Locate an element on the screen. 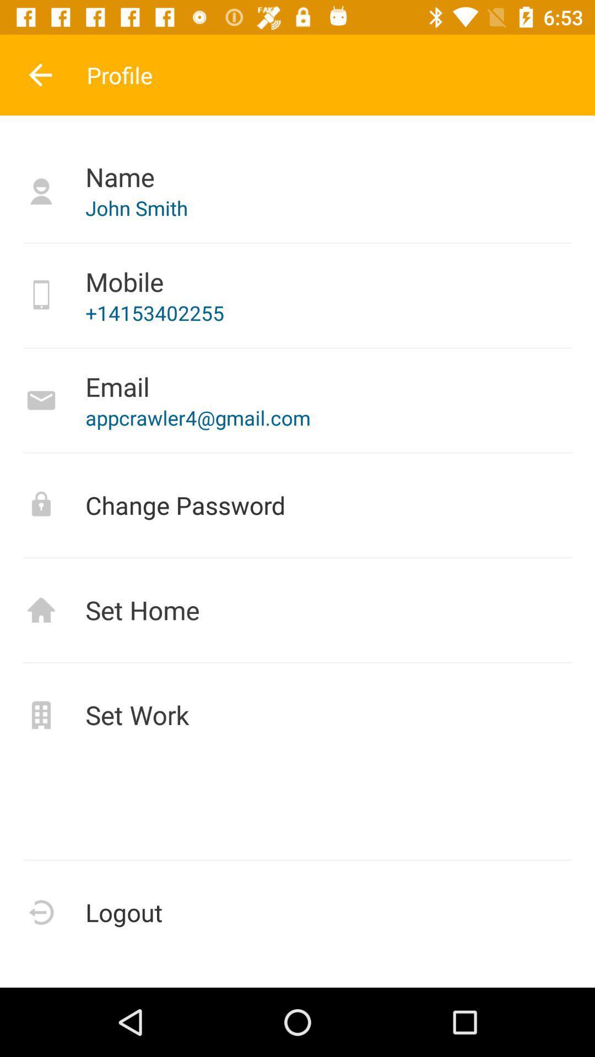 The image size is (595, 1057). the change password item is located at coordinates (297, 504).